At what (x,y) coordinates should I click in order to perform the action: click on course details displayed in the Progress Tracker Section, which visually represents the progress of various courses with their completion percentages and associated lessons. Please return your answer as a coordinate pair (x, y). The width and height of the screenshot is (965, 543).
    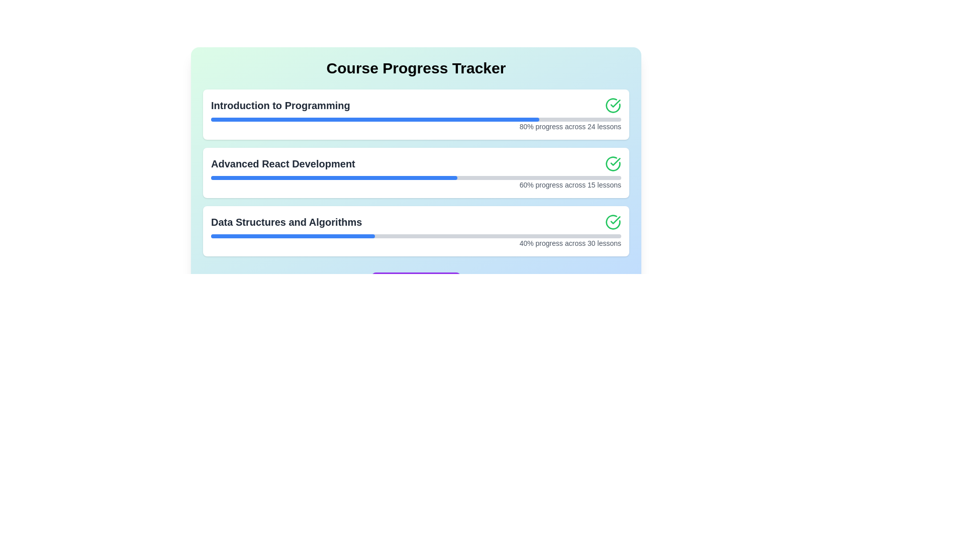
    Looking at the image, I should click on (416, 172).